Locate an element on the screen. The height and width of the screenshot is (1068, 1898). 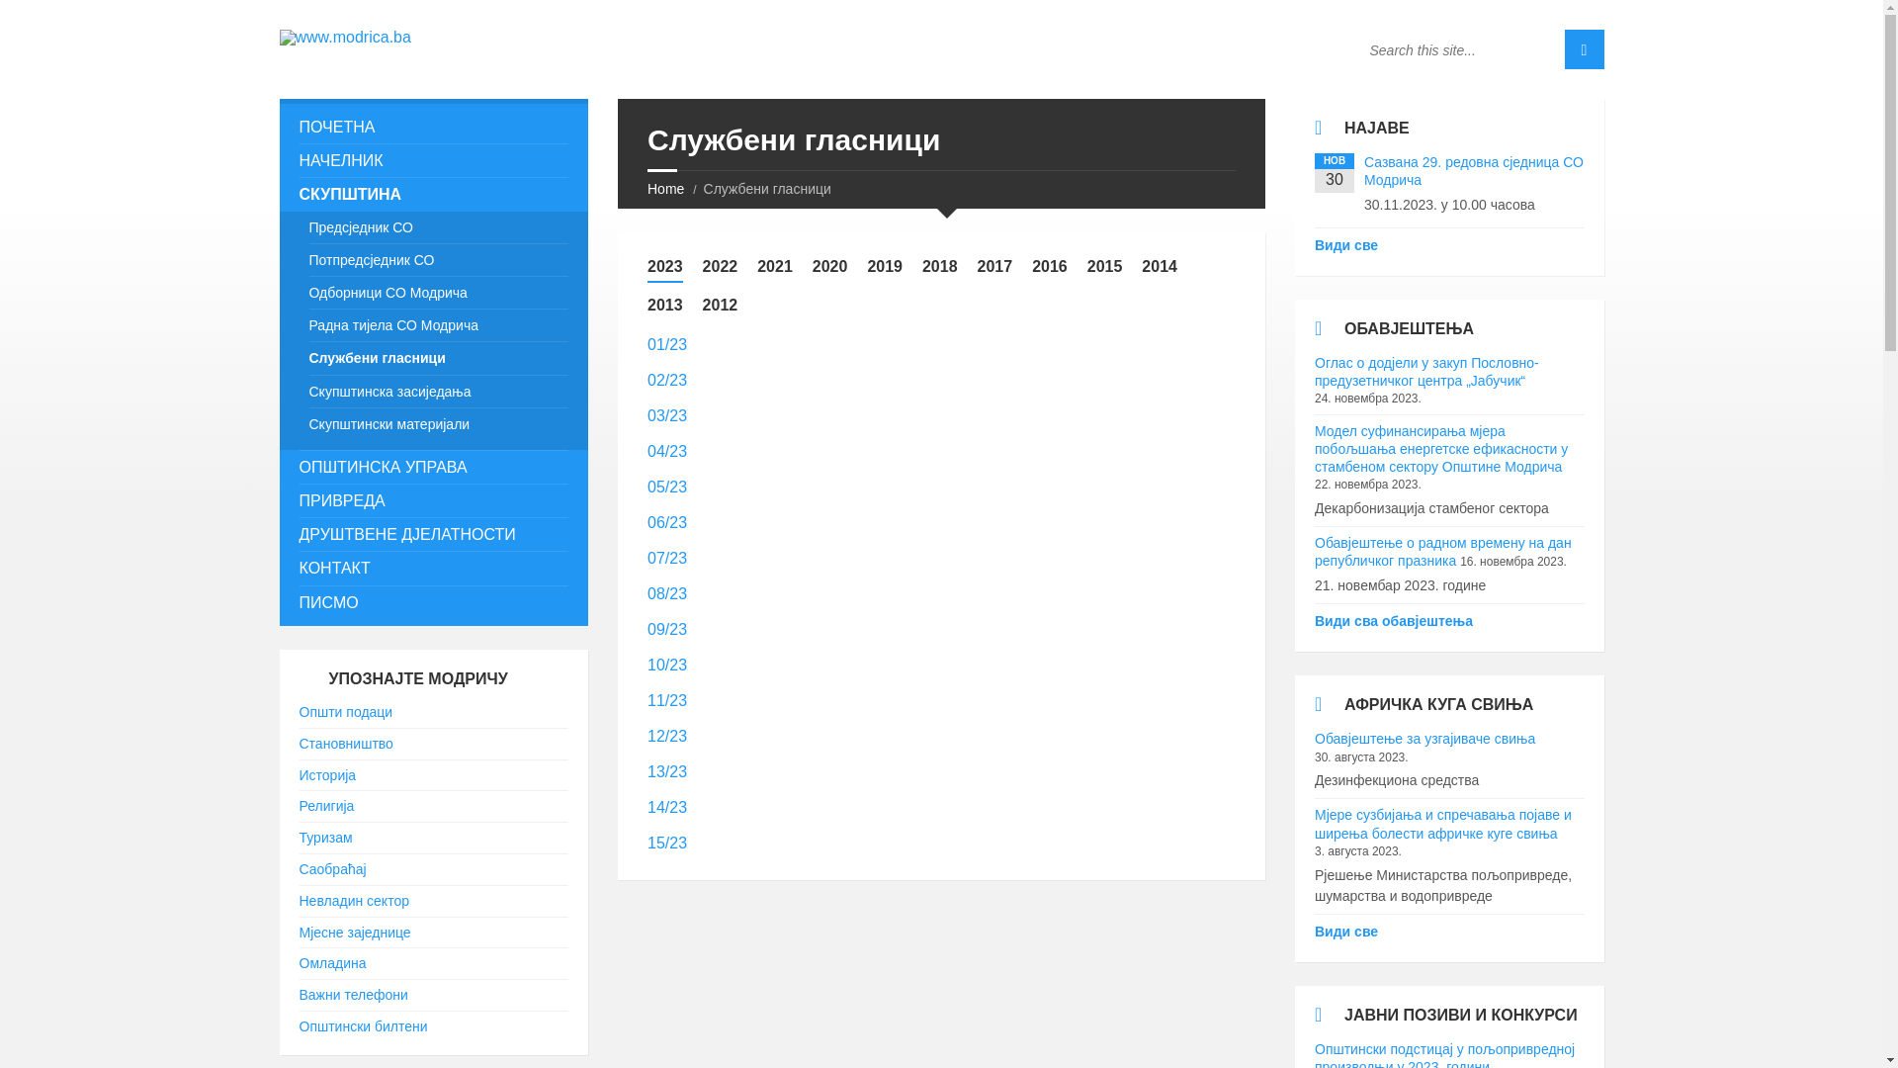
'08/23' is located at coordinates (647, 592).